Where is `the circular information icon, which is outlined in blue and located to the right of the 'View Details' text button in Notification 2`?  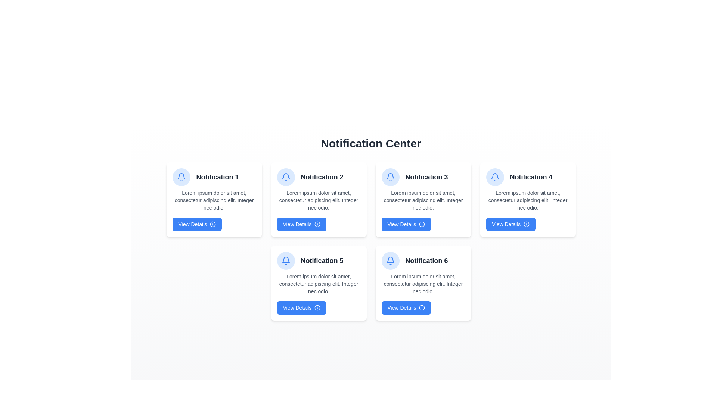 the circular information icon, which is outlined in blue and located to the right of the 'View Details' text button in Notification 2 is located at coordinates (317, 224).